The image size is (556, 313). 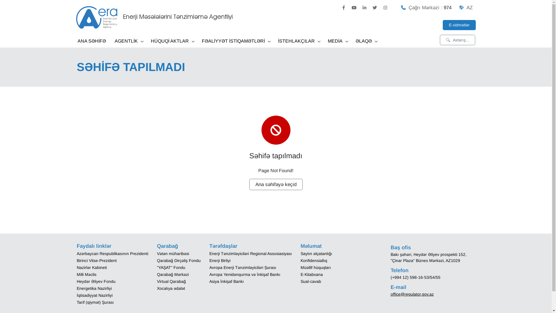 What do you see at coordinates (96, 260) in the screenshot?
I see `'Birinci Vitse-Prezident'` at bounding box center [96, 260].